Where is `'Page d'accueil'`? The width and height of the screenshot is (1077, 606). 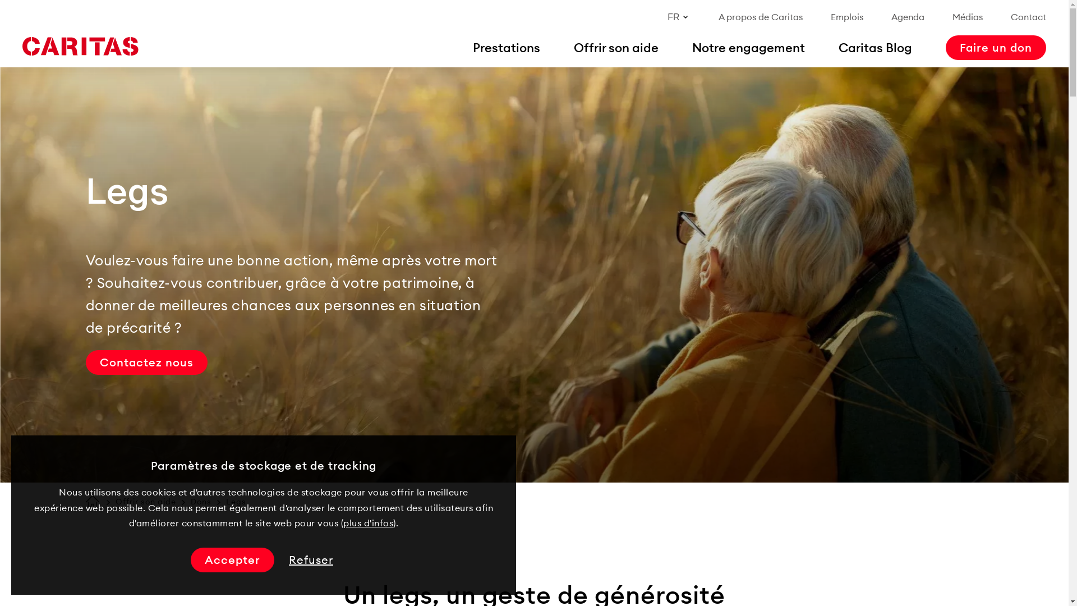 'Page d'accueil' is located at coordinates (85, 501).